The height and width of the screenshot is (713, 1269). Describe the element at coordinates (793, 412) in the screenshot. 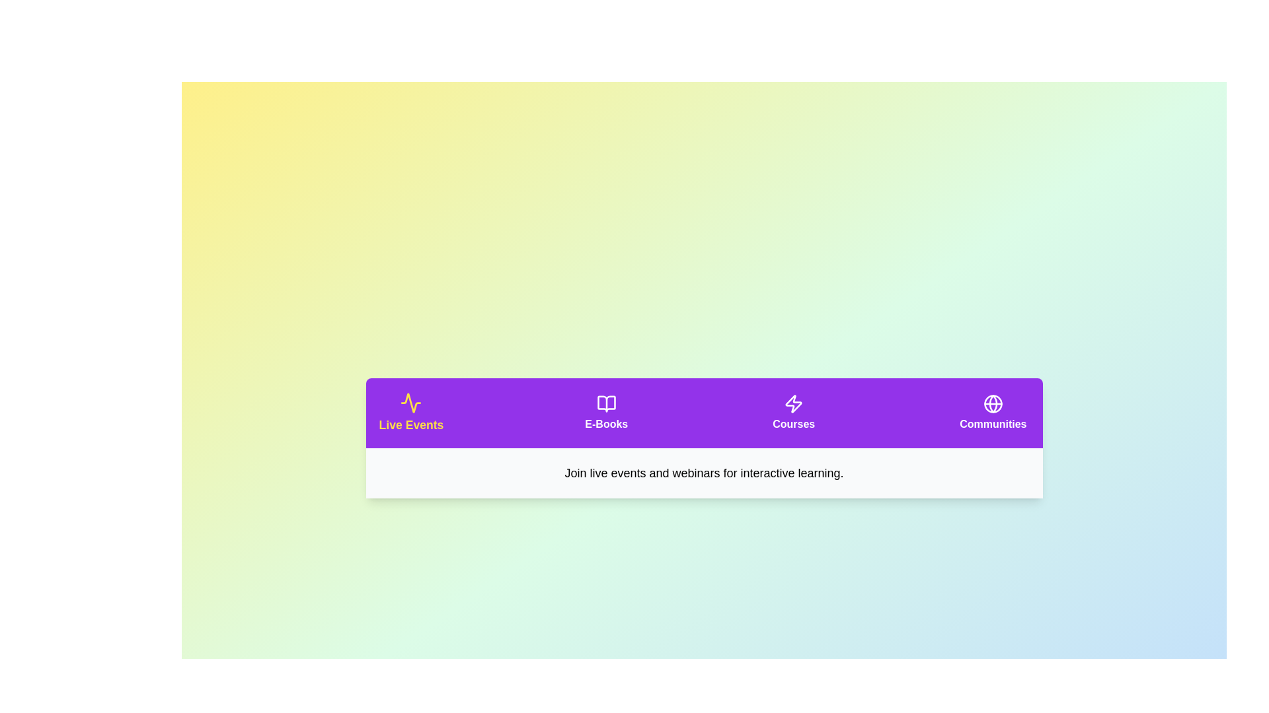

I see `the tab button labeled Courses to observe its visual effect` at that location.